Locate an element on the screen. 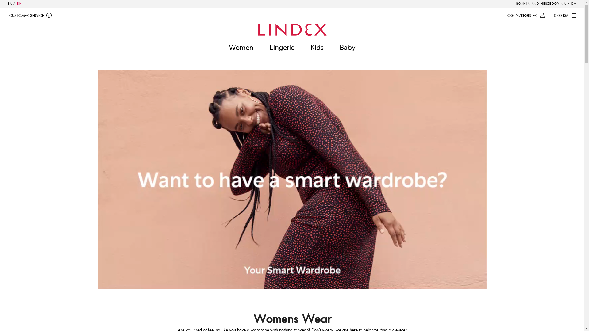 This screenshot has width=589, height=331. '0,00 KM' is located at coordinates (566, 15).